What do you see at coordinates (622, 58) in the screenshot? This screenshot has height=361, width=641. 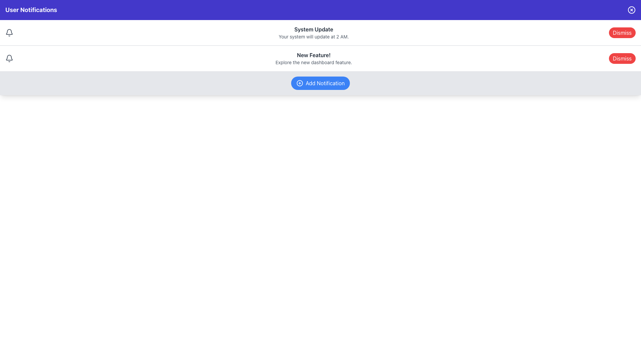 I see `the dismiss button located on the right-hand side of the notification content that says 'New Feature! Explore the new dashboard feature.'` at bounding box center [622, 58].